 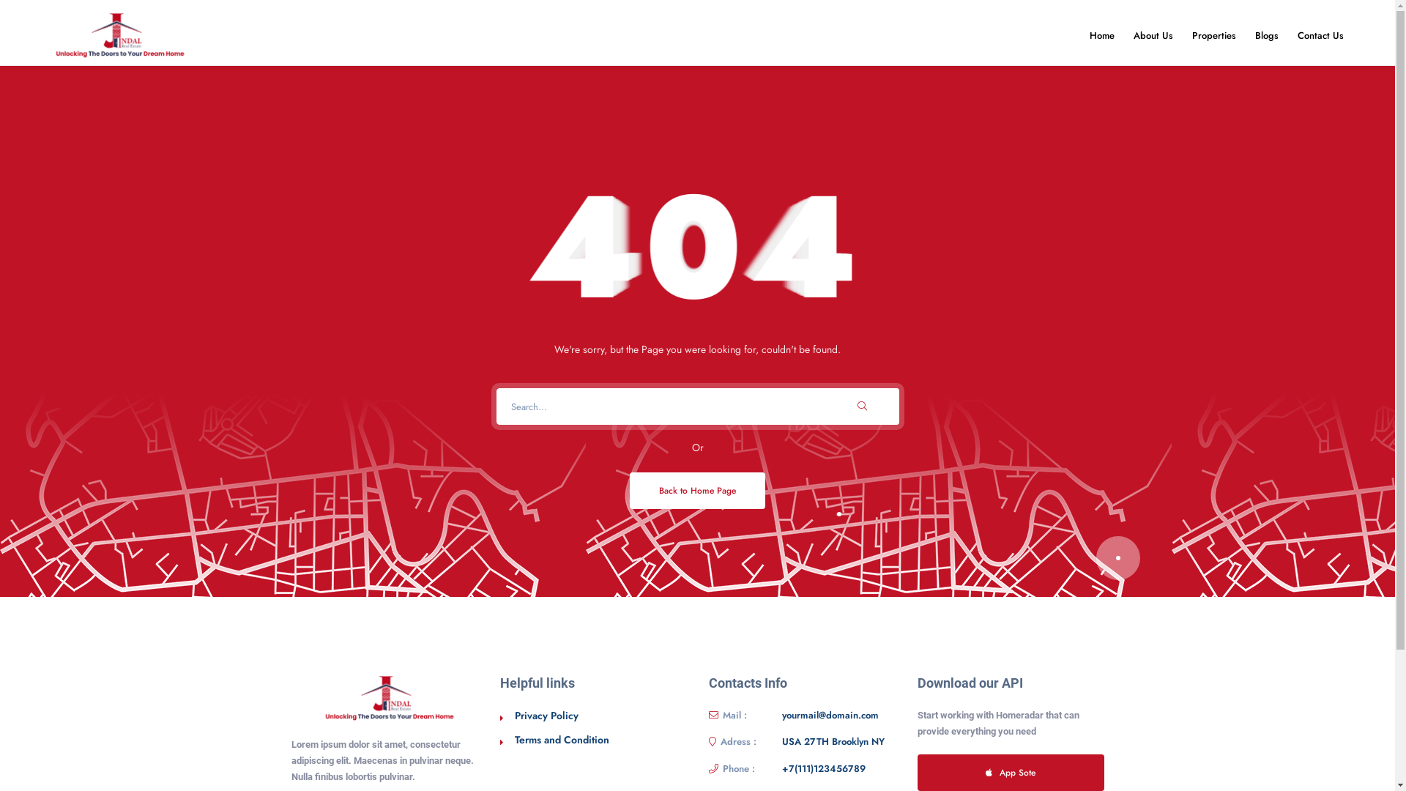 What do you see at coordinates (1152, 34) in the screenshot?
I see `'About Us'` at bounding box center [1152, 34].